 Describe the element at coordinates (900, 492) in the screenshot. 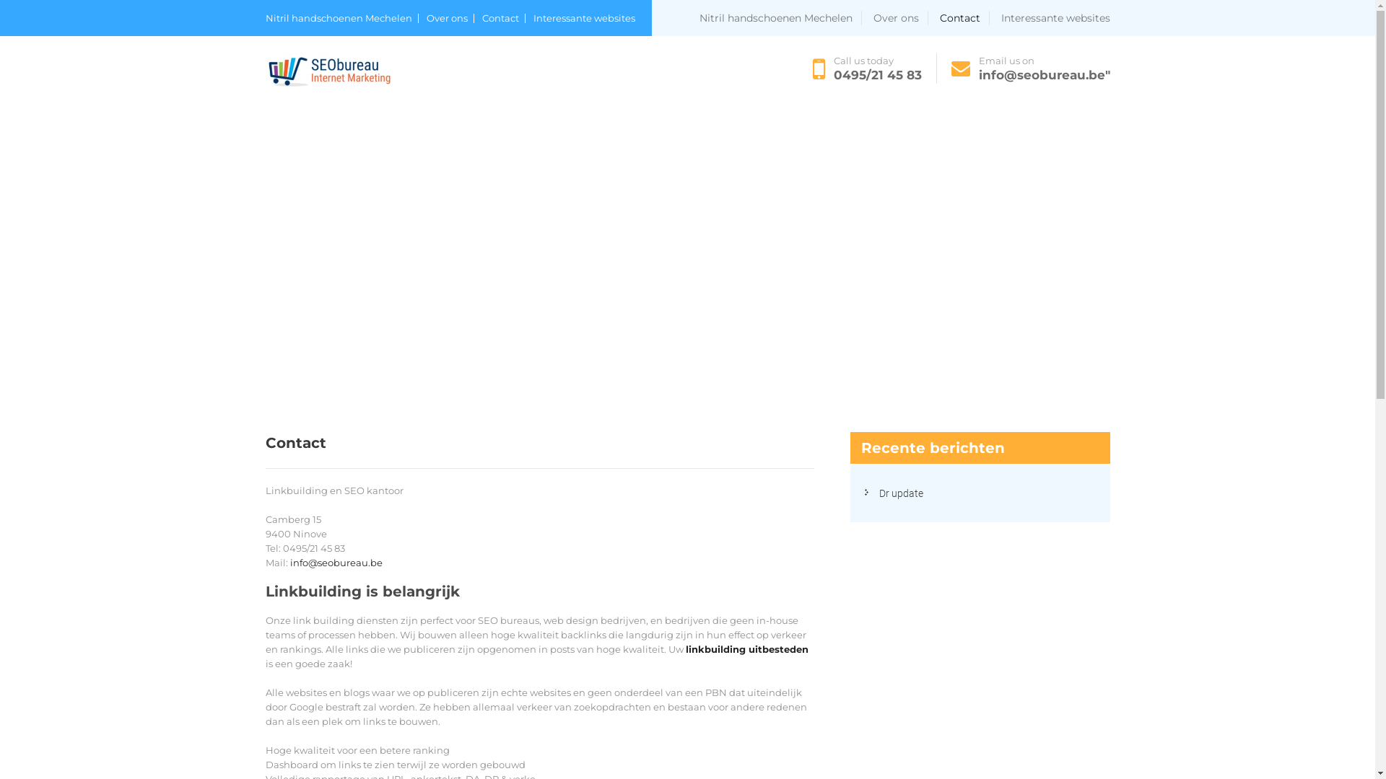

I see `'Dr update'` at that location.